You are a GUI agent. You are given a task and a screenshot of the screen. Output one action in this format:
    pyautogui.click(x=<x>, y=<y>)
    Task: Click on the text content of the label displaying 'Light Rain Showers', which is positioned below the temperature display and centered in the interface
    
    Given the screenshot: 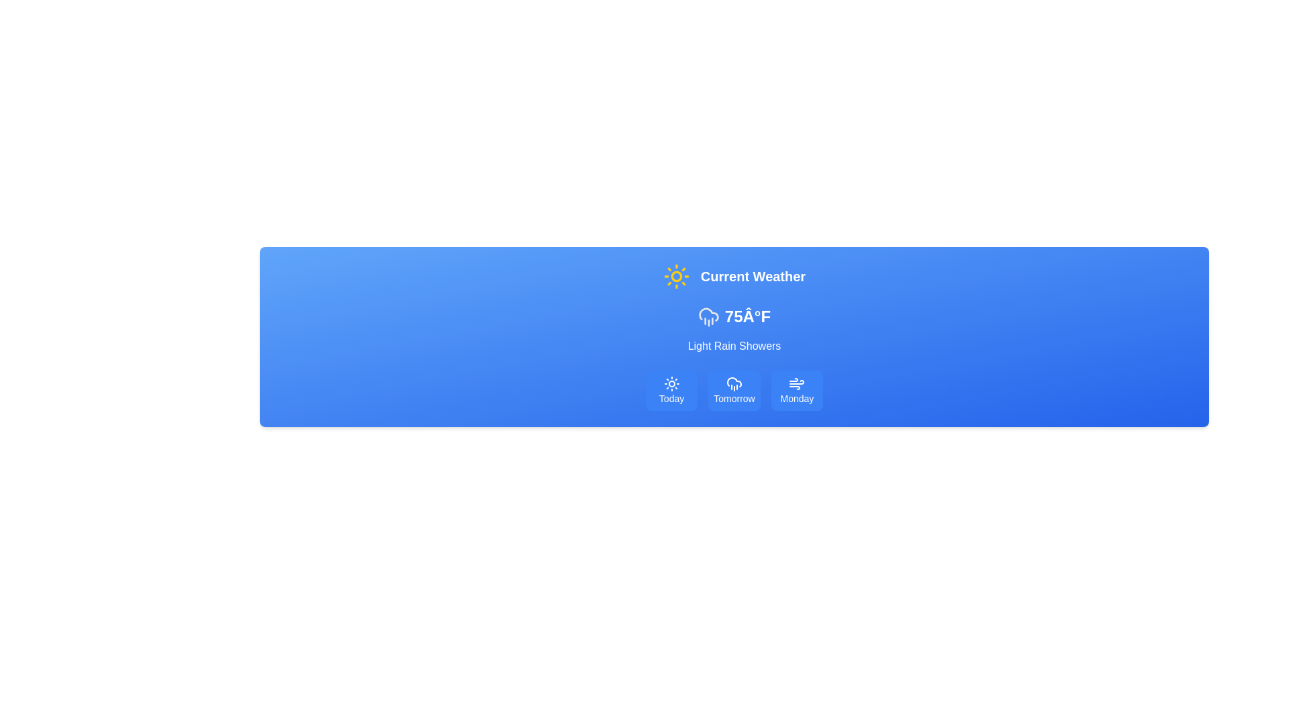 What is the action you would take?
    pyautogui.click(x=734, y=346)
    